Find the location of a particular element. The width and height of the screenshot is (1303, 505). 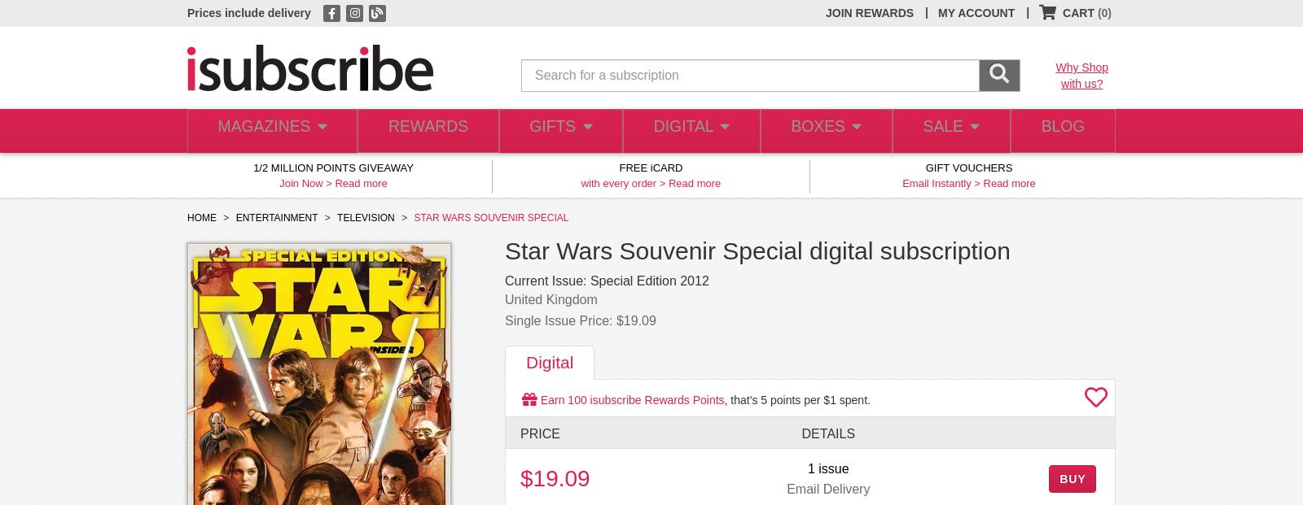

'1 issue' is located at coordinates (827, 468).